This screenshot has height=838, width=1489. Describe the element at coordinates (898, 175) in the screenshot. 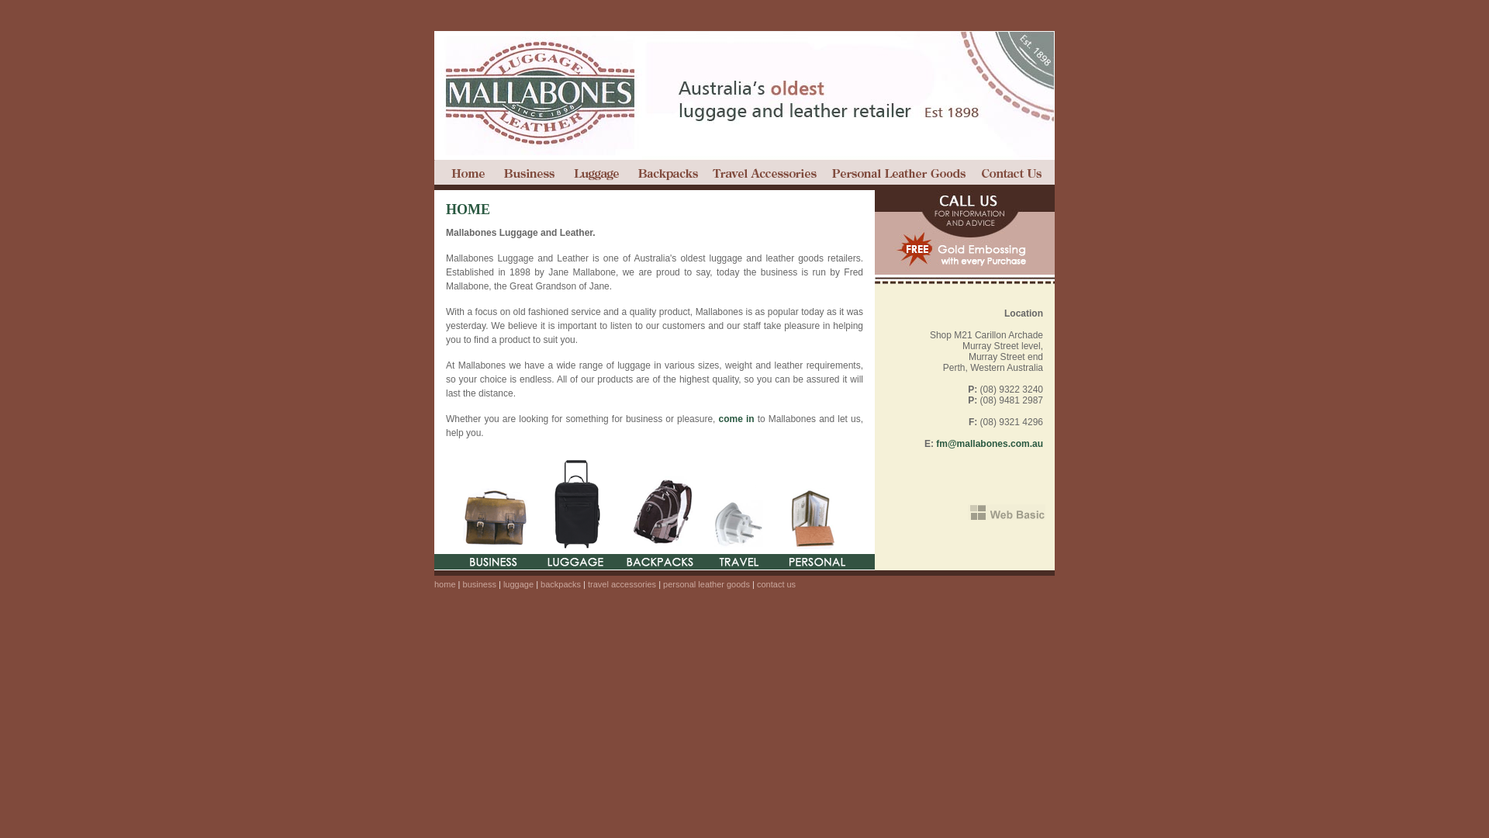

I see `'personal leather goods'` at that location.